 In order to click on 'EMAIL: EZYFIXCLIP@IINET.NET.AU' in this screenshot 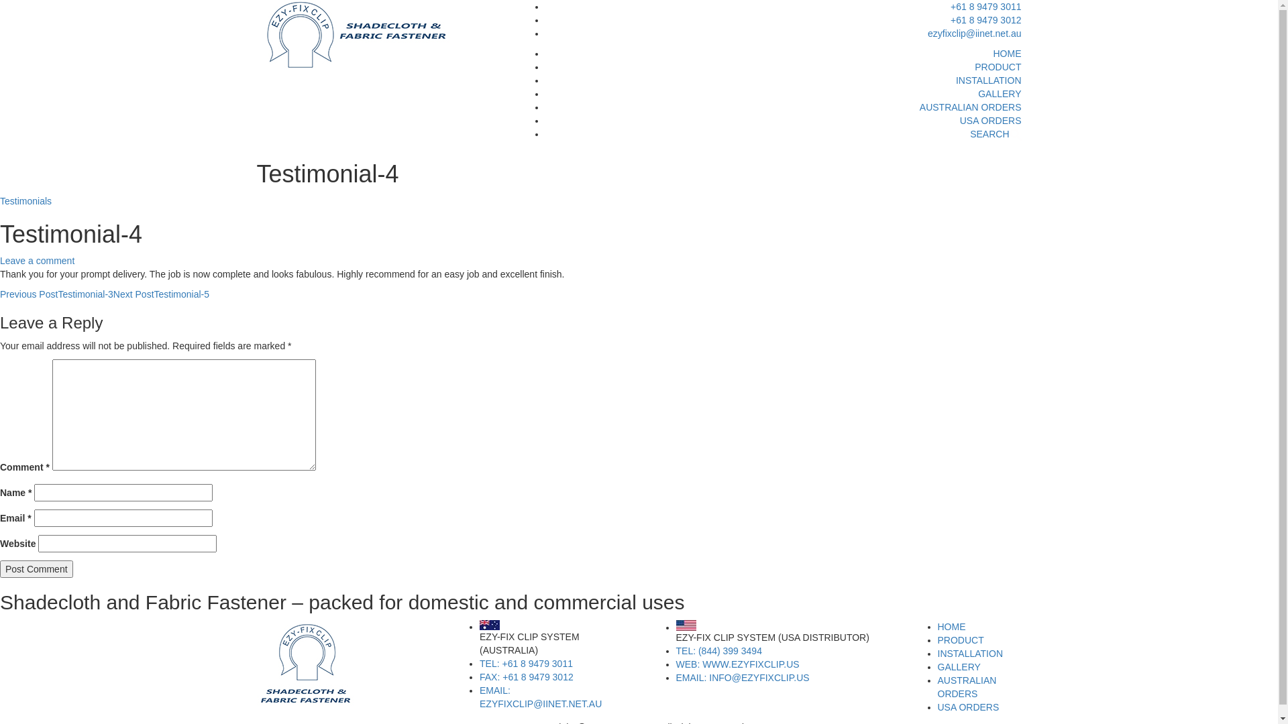, I will do `click(541, 697)`.